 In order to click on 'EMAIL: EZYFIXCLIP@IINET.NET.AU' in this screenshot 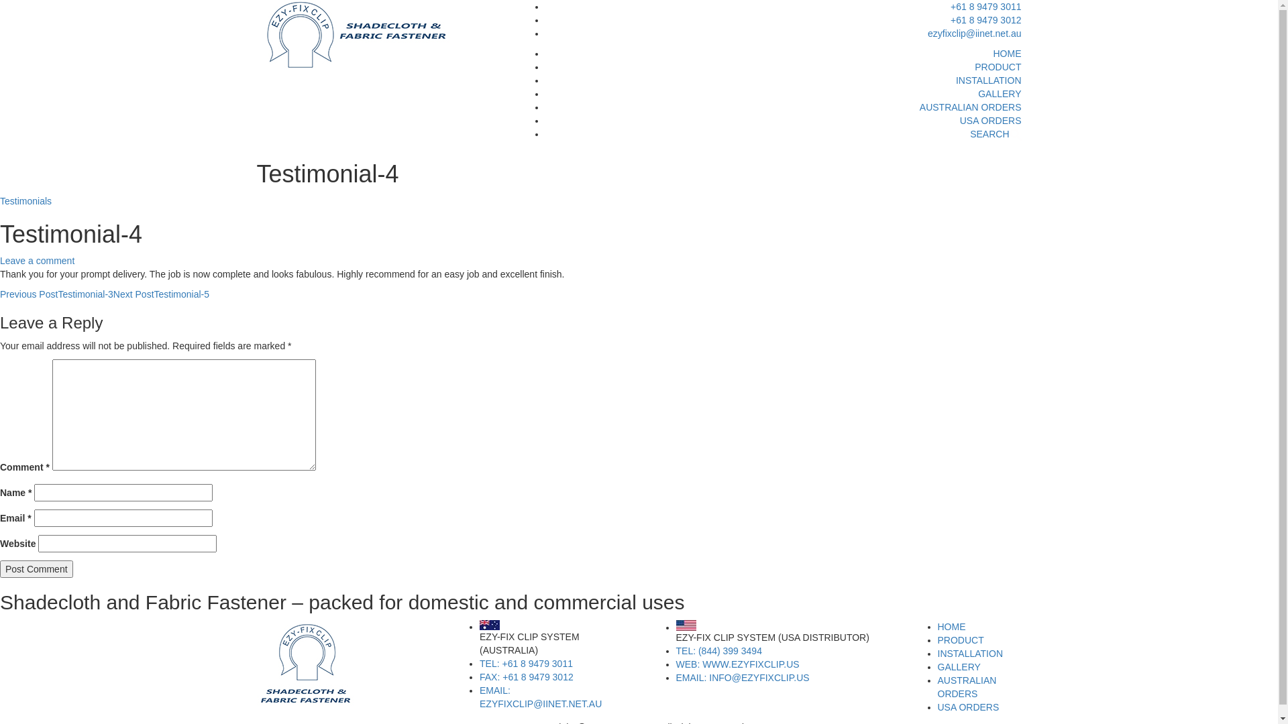, I will do `click(541, 697)`.